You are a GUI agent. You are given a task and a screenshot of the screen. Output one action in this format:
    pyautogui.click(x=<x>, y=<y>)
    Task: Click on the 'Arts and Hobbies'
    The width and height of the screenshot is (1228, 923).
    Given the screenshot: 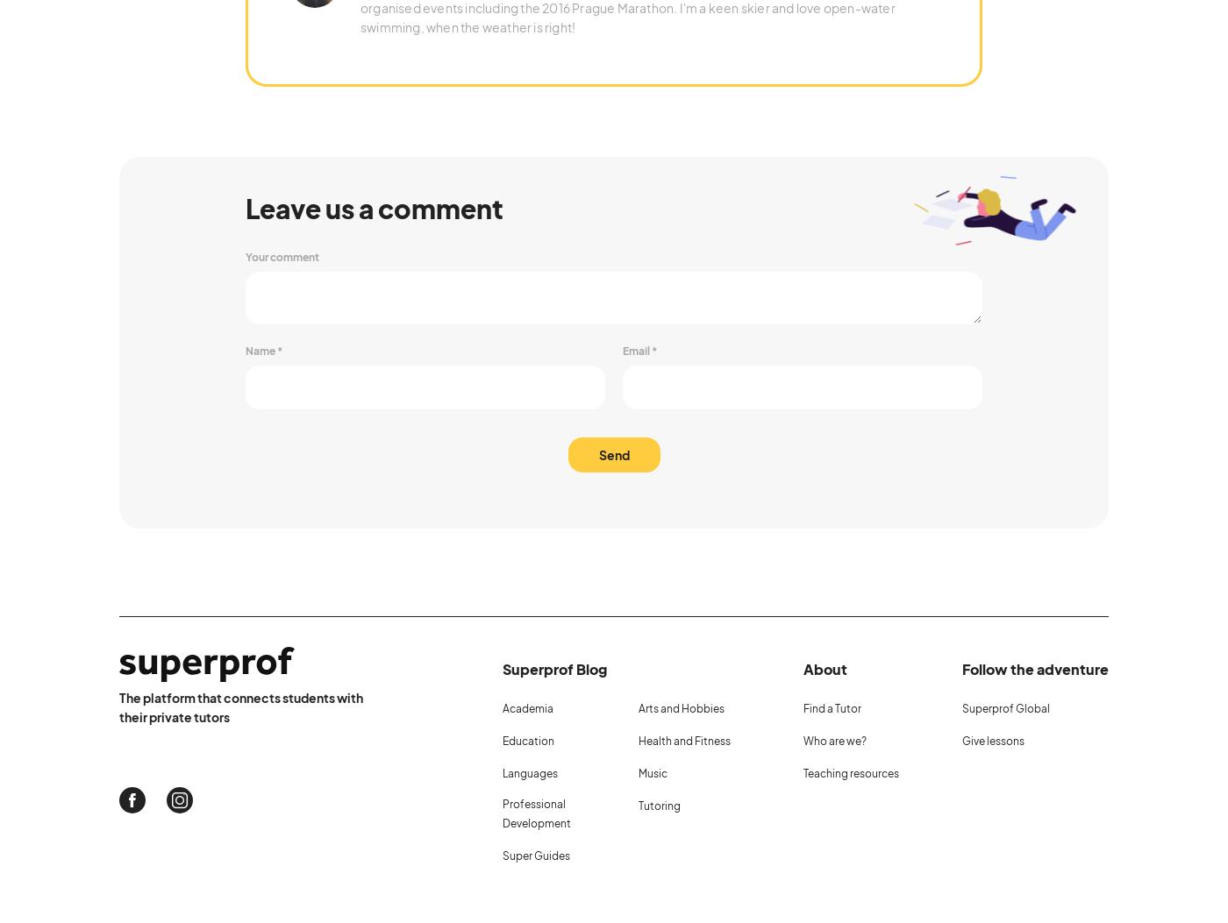 What is the action you would take?
    pyautogui.click(x=682, y=707)
    